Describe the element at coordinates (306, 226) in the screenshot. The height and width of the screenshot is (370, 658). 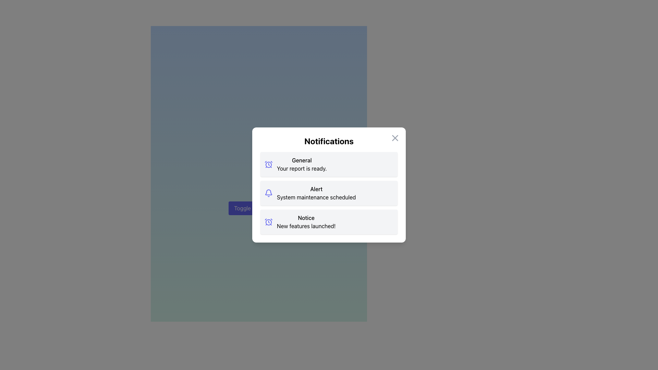
I see `notification message displaying 'New features launched!' located below the title 'Notice' in the modal` at that location.